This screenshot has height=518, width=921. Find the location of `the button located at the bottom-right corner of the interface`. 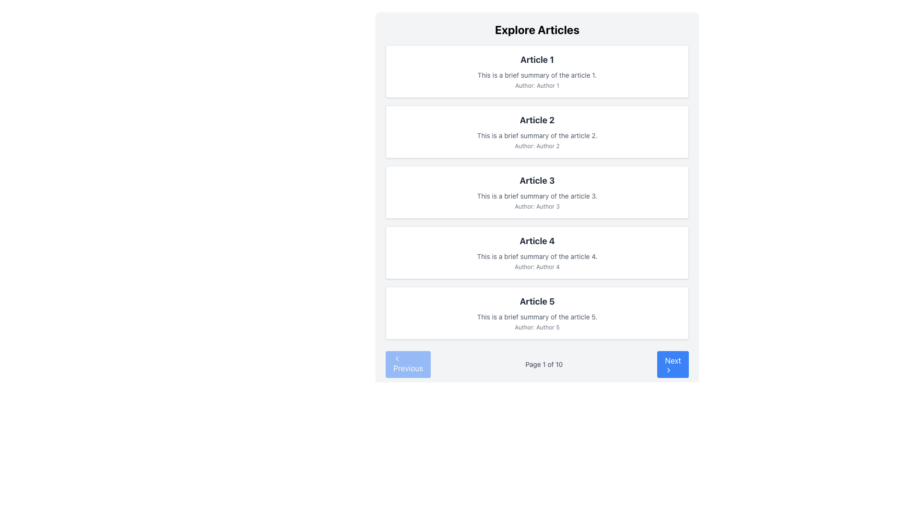

the button located at the bottom-right corner of the interface is located at coordinates (673, 364).